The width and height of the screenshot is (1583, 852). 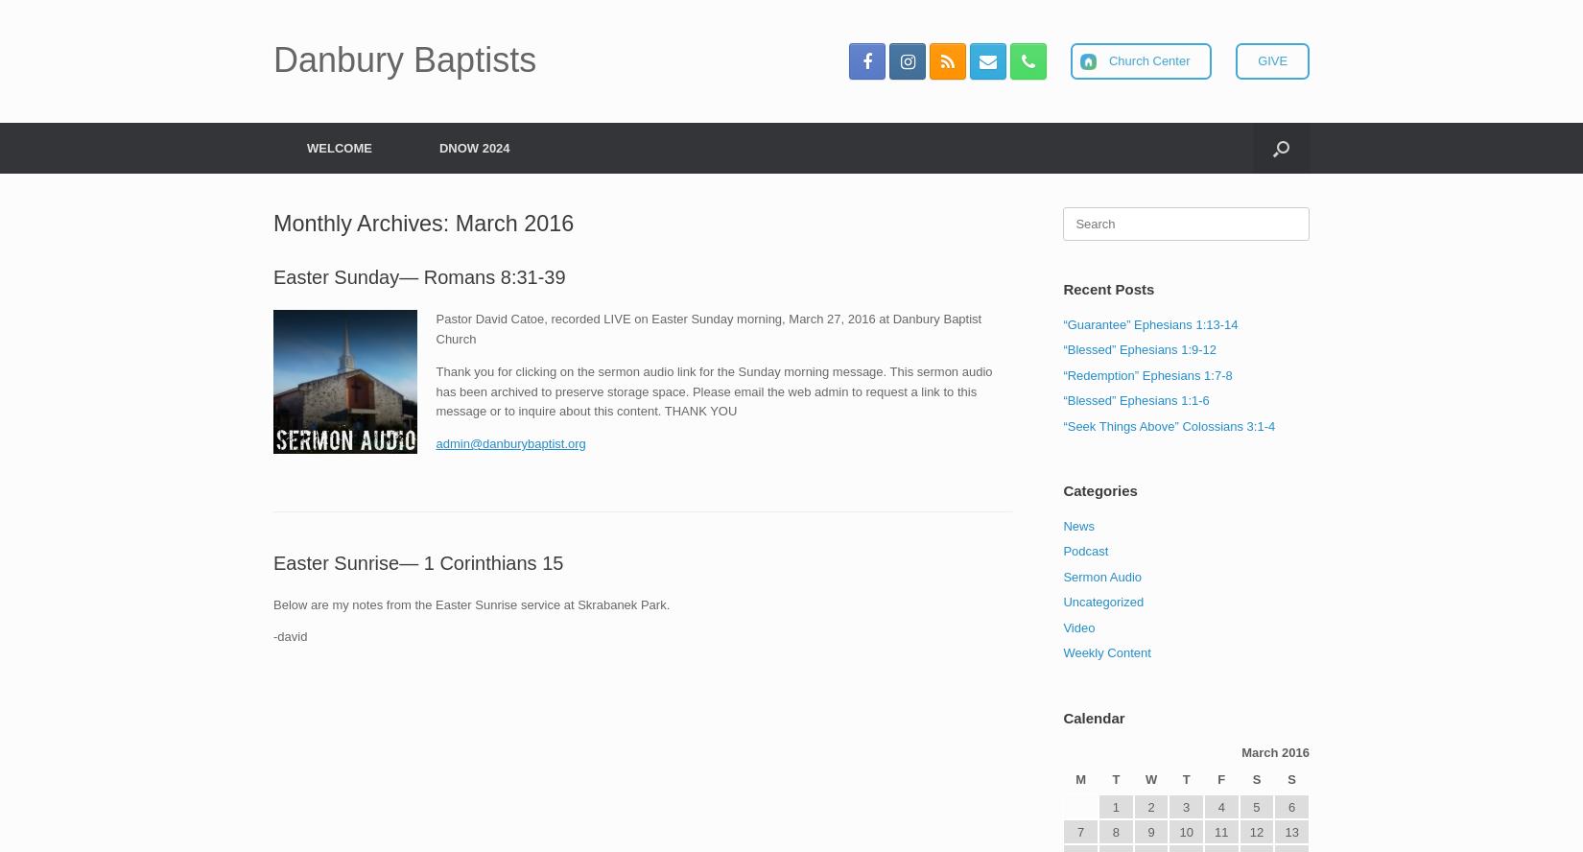 I want to click on 'Sermon Audio', so click(x=525, y=235).